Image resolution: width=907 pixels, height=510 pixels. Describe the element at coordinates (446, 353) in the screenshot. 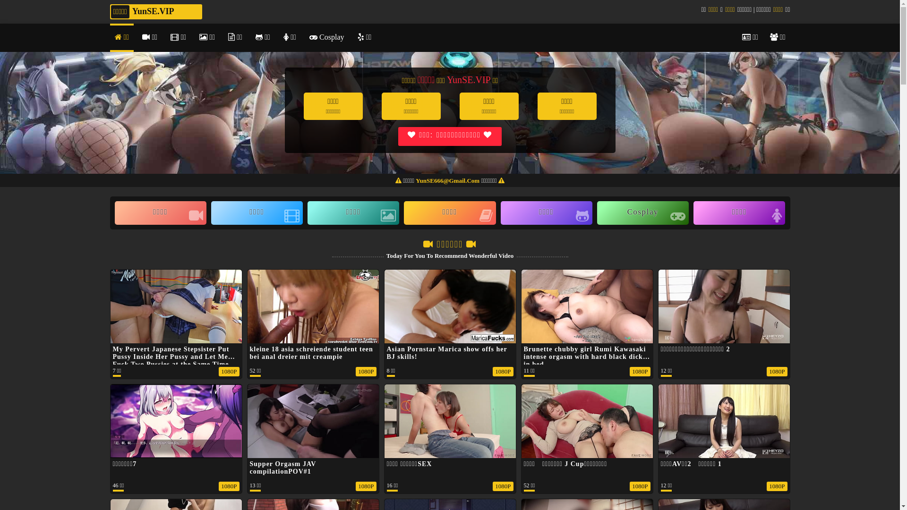

I see `'Asian Pornstar Marica show offs her BJ skills!'` at that location.